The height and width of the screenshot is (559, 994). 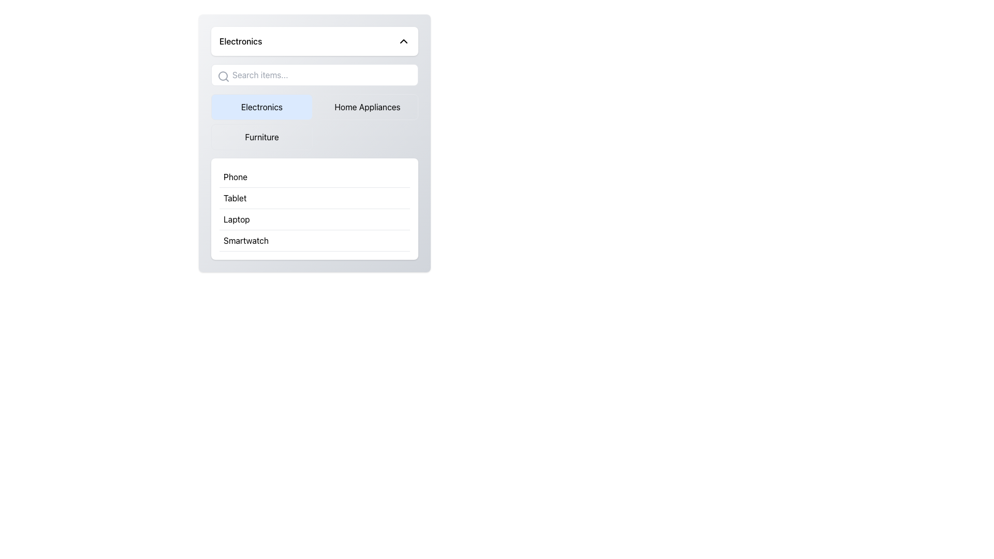 I want to click on the SVG Circle element that is part of the search icon, located to the left of the 'Search items...' text input box, so click(x=223, y=75).